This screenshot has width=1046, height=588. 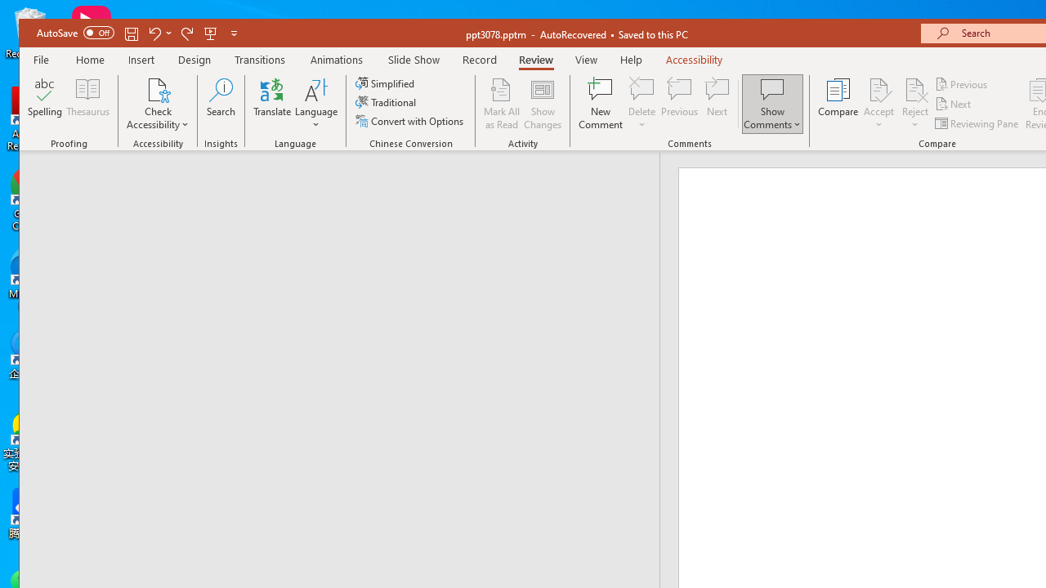 I want to click on 'Check Accessibility', so click(x=158, y=89).